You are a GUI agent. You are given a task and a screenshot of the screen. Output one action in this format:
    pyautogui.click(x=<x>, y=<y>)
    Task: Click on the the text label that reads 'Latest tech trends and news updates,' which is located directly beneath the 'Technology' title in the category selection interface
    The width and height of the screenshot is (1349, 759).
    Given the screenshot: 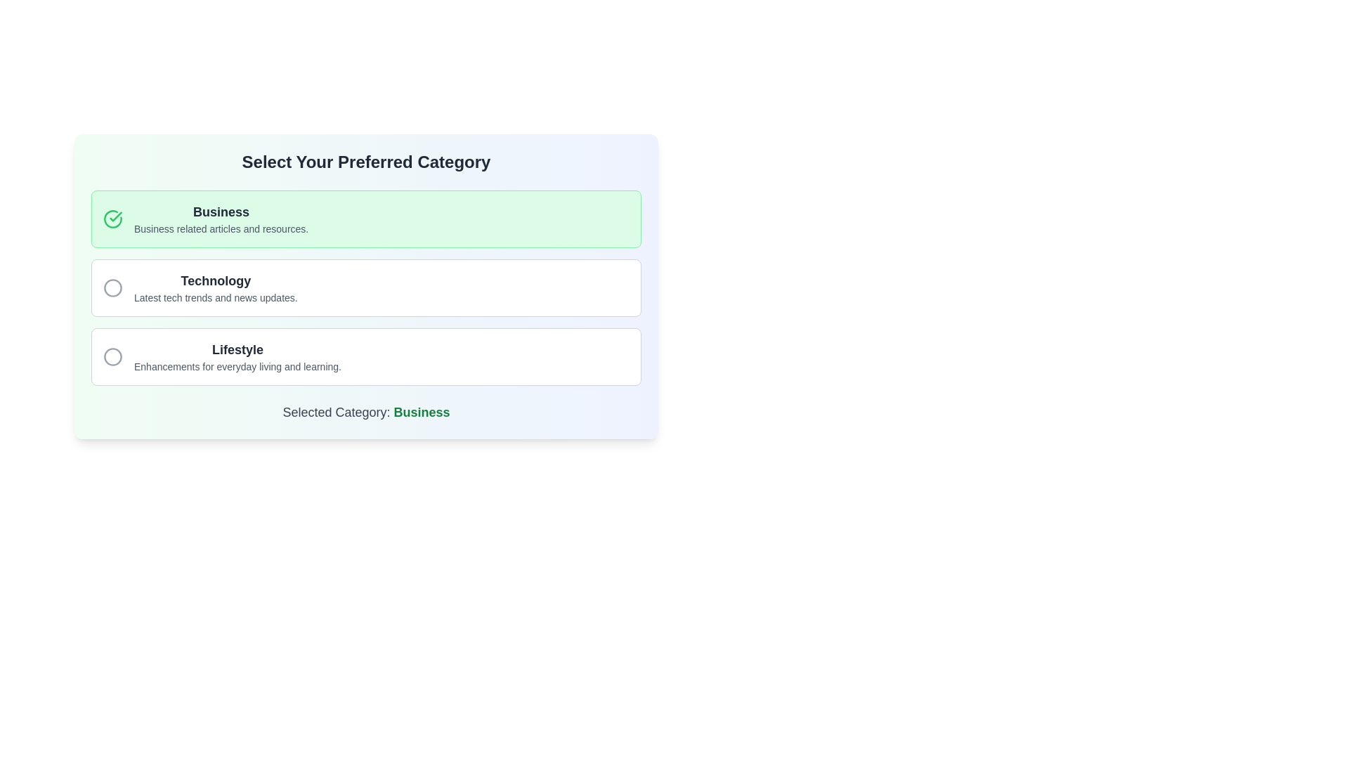 What is the action you would take?
    pyautogui.click(x=215, y=297)
    